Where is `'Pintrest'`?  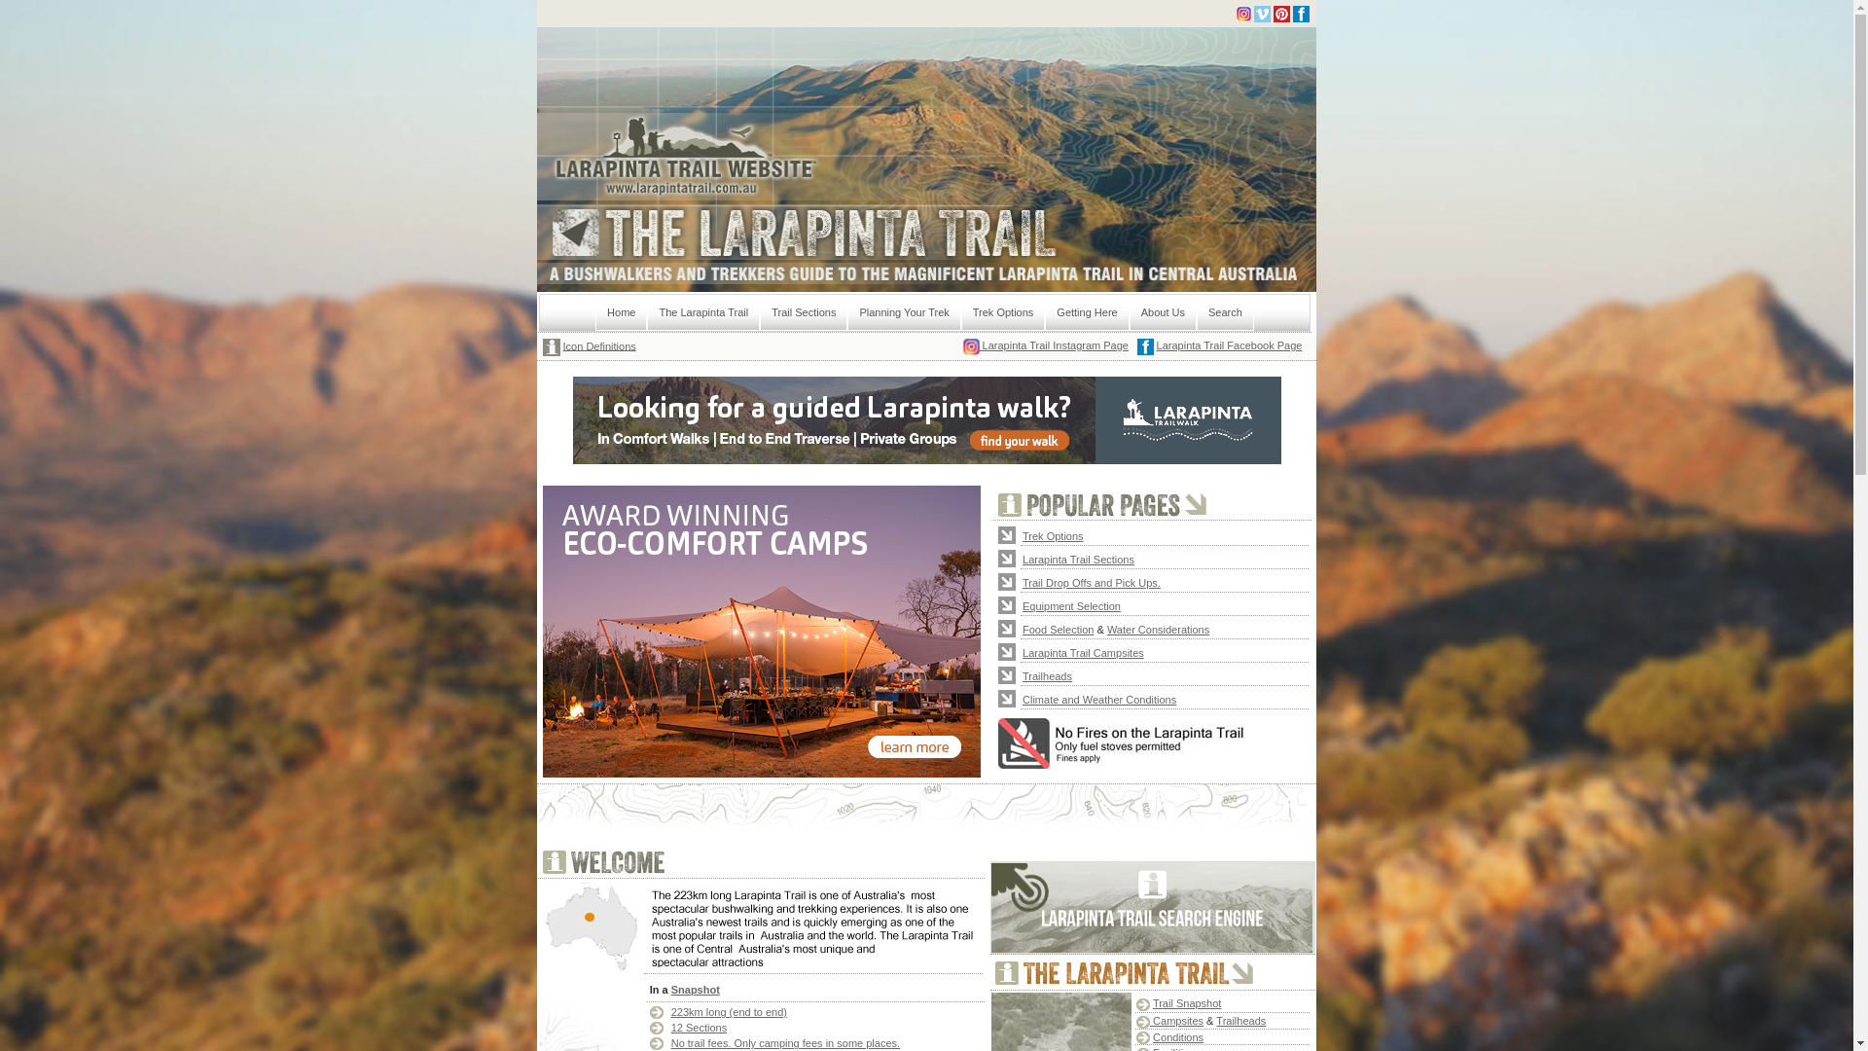 'Pintrest' is located at coordinates (1280, 14).